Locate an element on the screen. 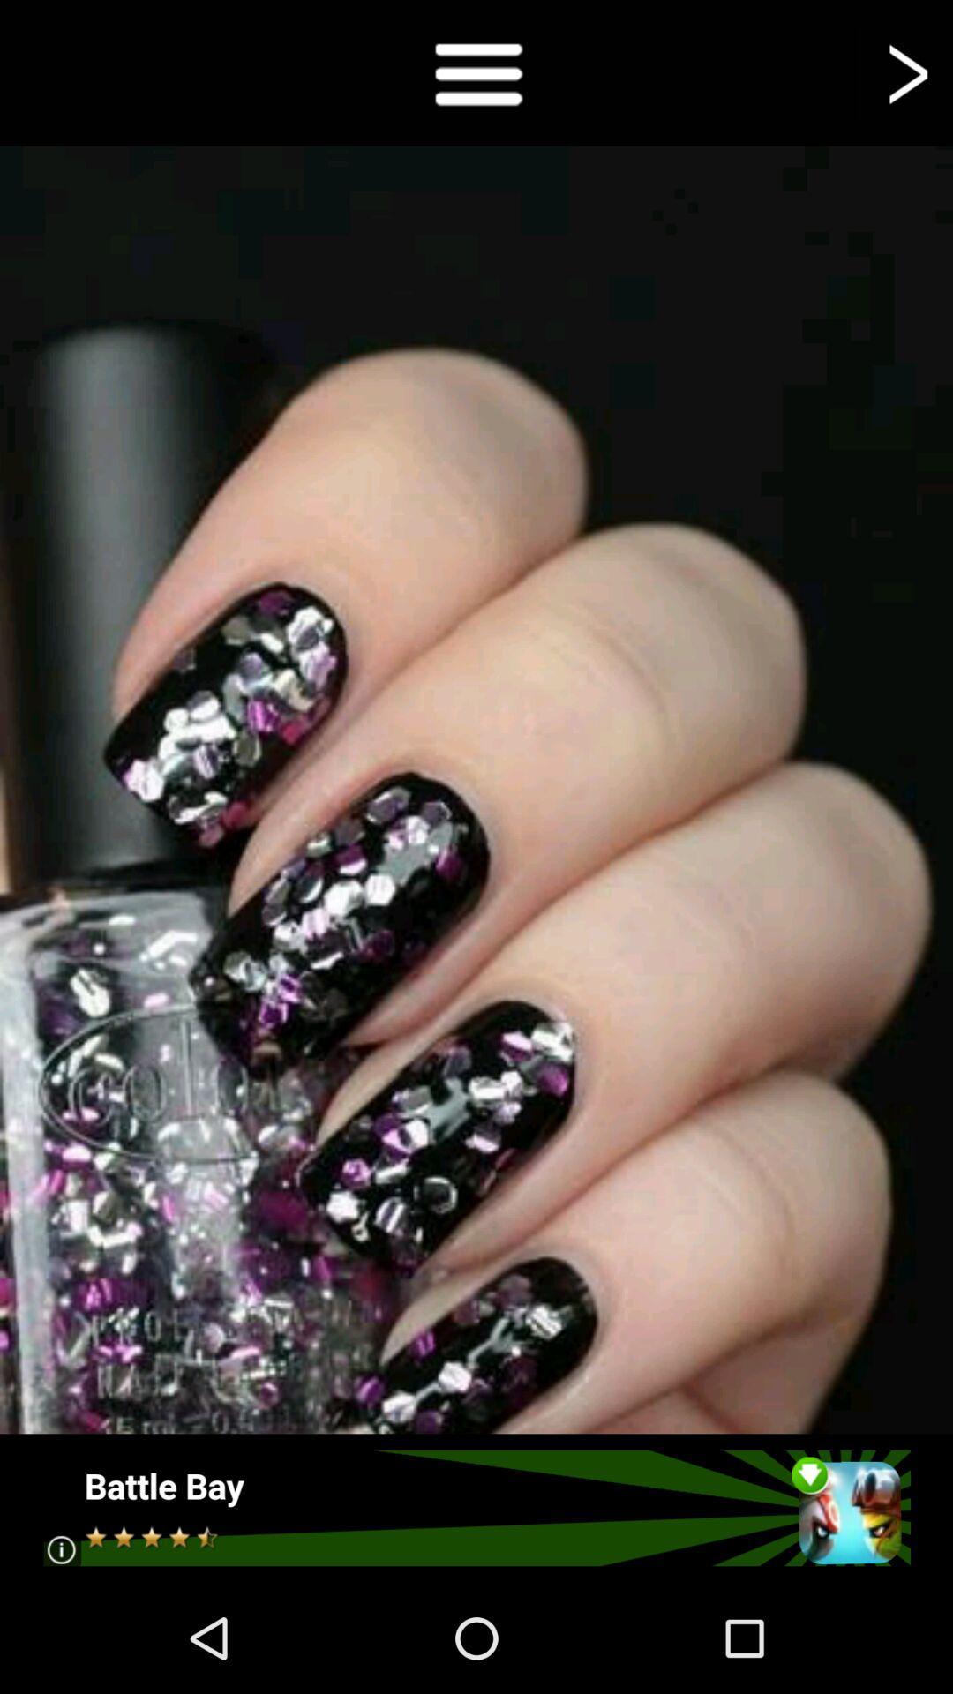  go forward is located at coordinates (905, 71).